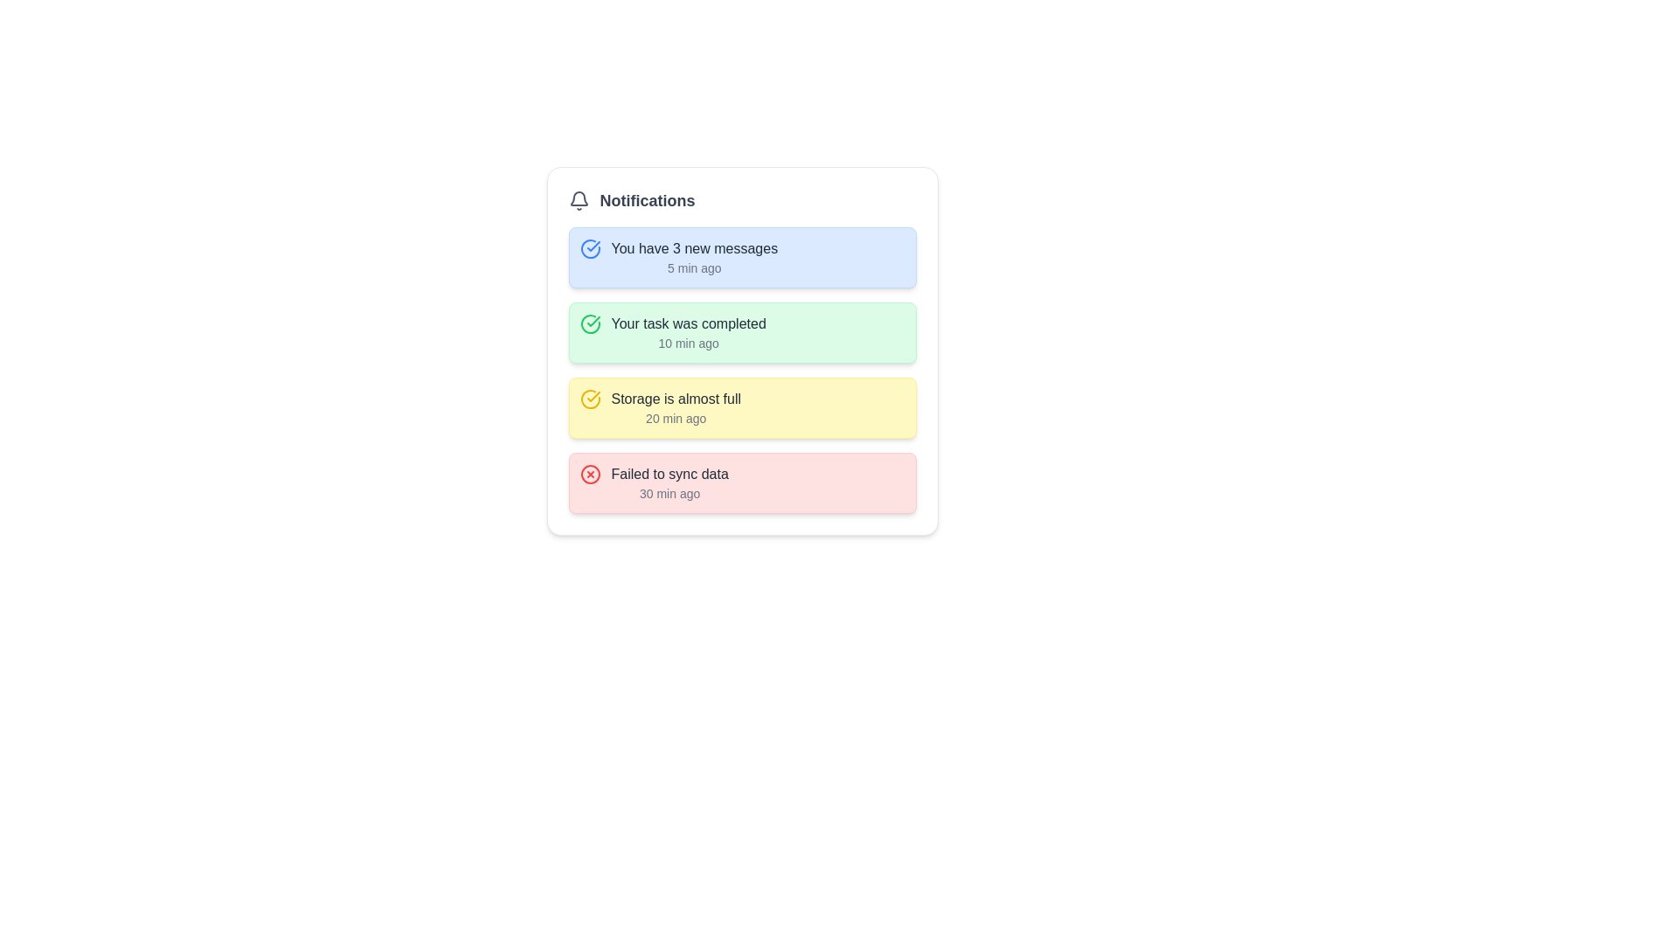 The image size is (1678, 944). Describe the element at coordinates (669, 482) in the screenshot. I see `the failure notification message indicating that data synchronization failed 30 minutes ago, which is the last notification entry in the notifications panel` at that location.